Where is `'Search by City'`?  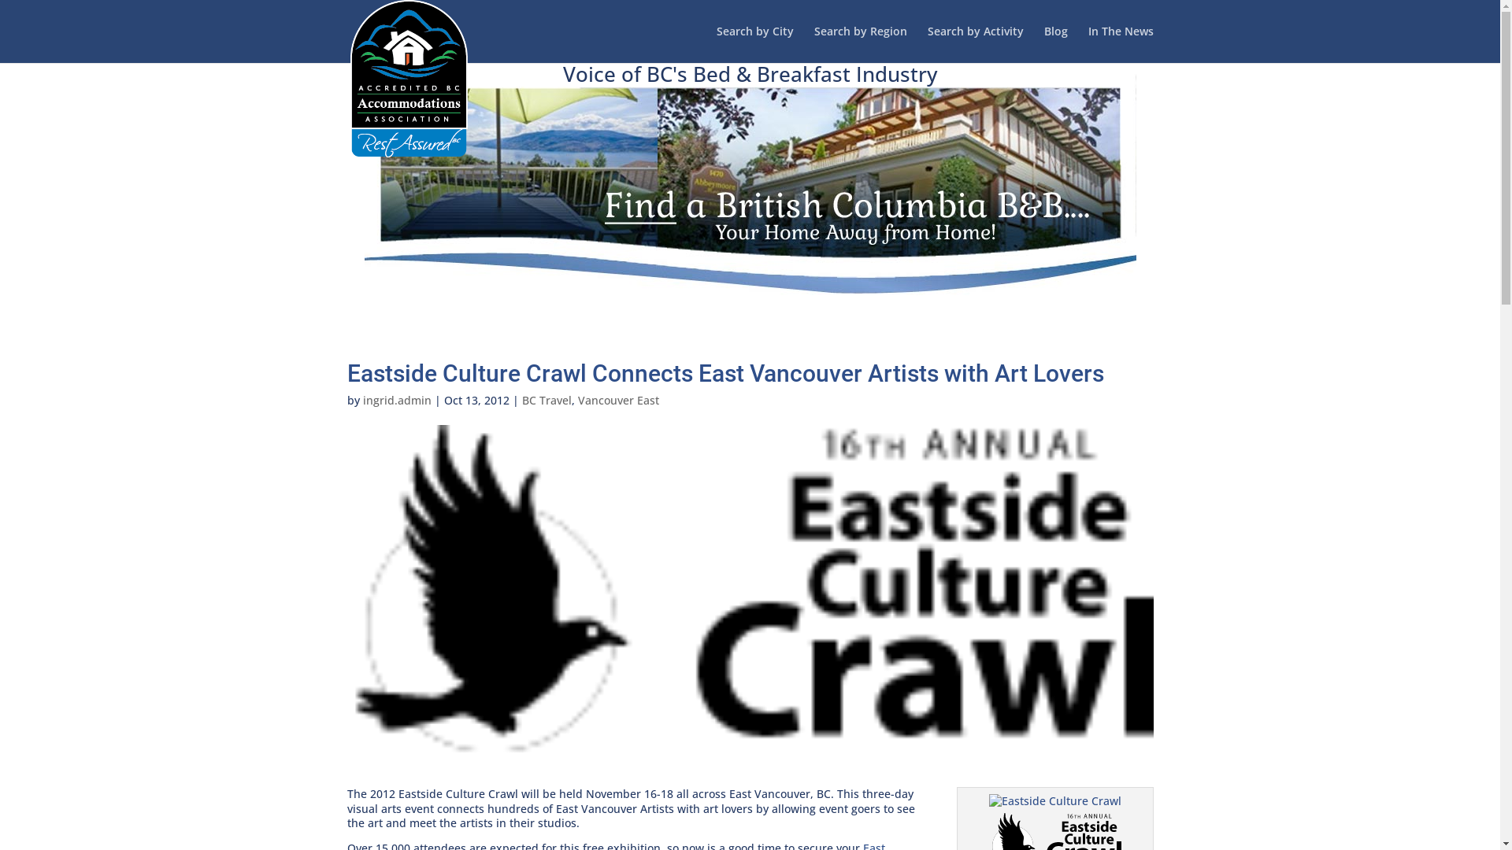
'Search by City' is located at coordinates (716, 43).